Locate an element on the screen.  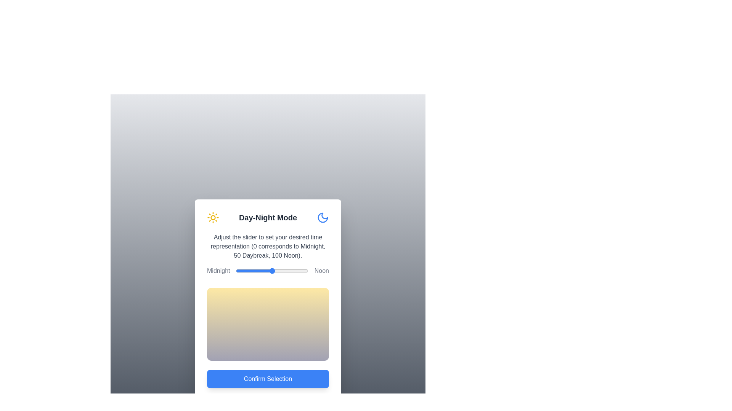
the slider to set the time representation to 34 is located at coordinates (260, 271).